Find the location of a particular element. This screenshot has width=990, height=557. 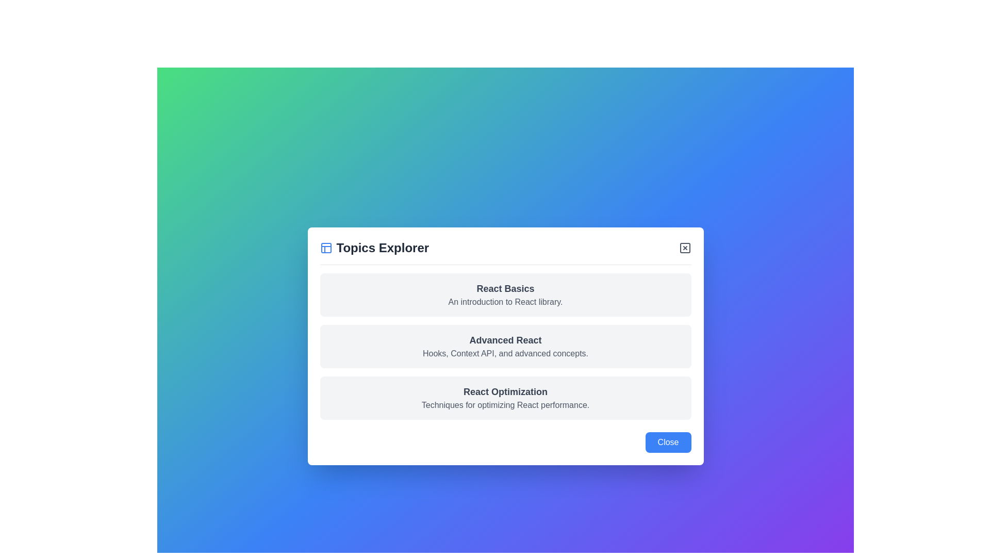

the text label reading 'Advanced React', which is styled in bold and is the main heading of the card is located at coordinates (505, 340).